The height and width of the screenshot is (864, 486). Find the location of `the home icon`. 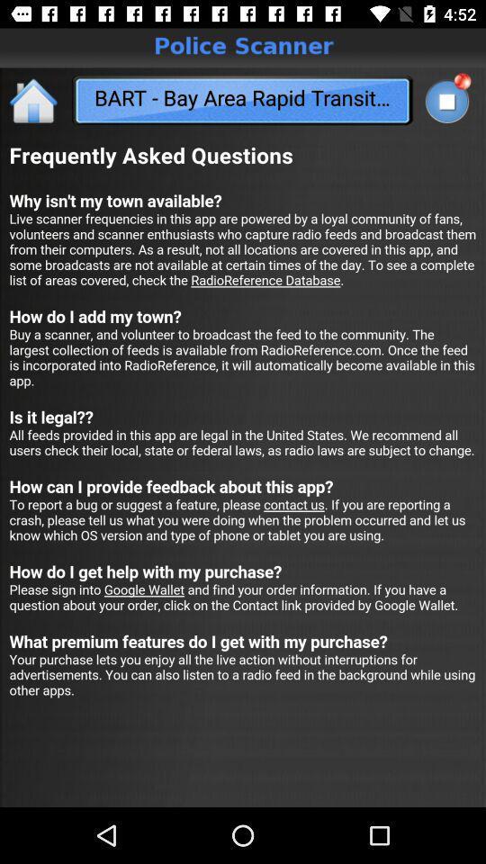

the home icon is located at coordinates (34, 100).